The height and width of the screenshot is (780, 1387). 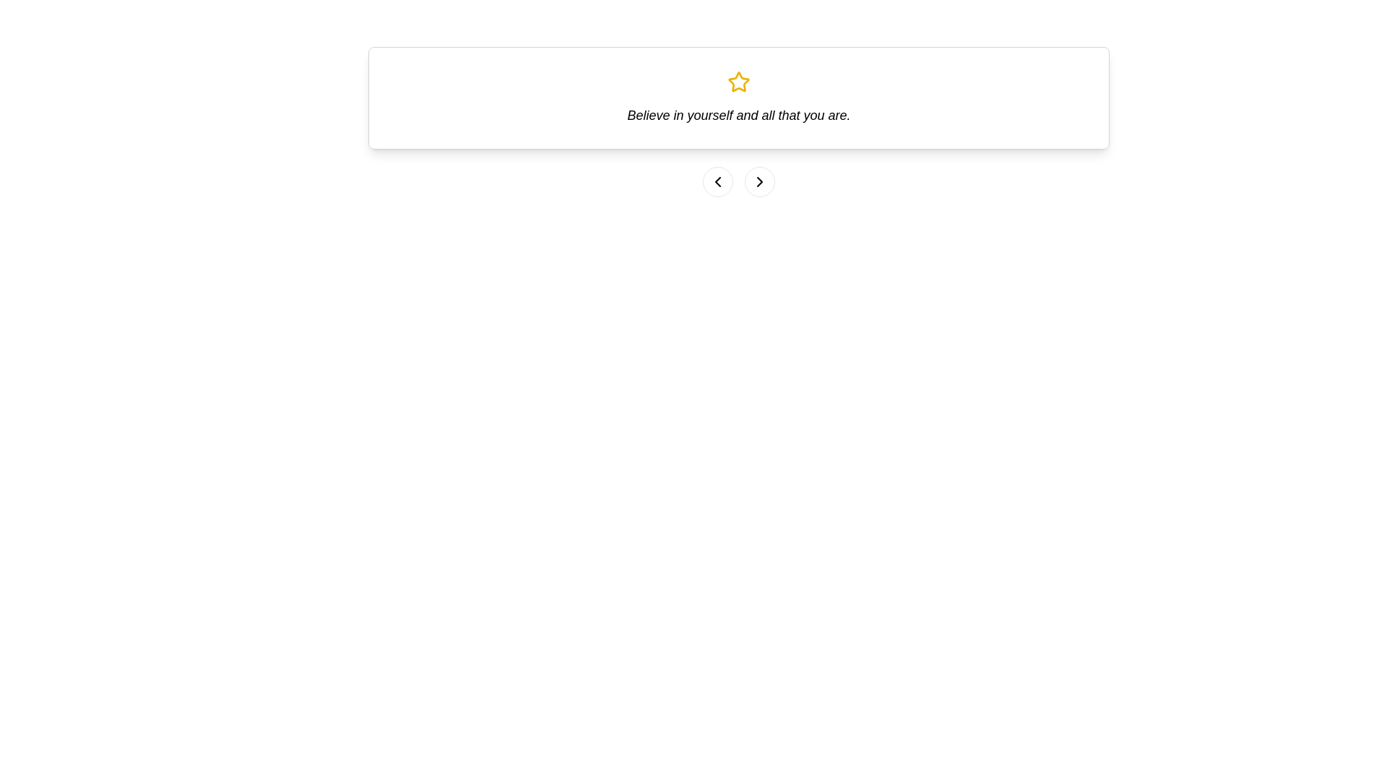 I want to click on the chevron-shaped icon pointing to the right, which is part of a circular button, so click(x=759, y=181).